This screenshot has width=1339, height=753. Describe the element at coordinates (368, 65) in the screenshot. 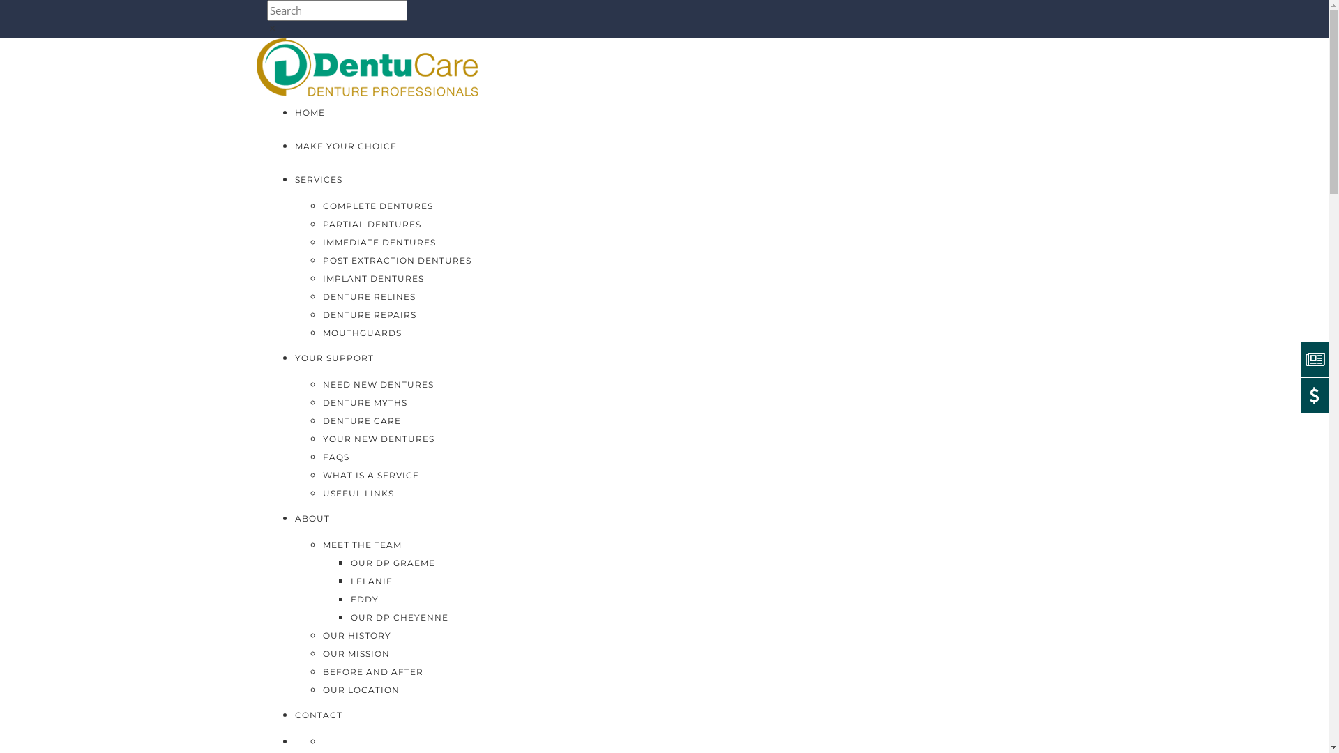

I see `'DentuCare'` at that location.